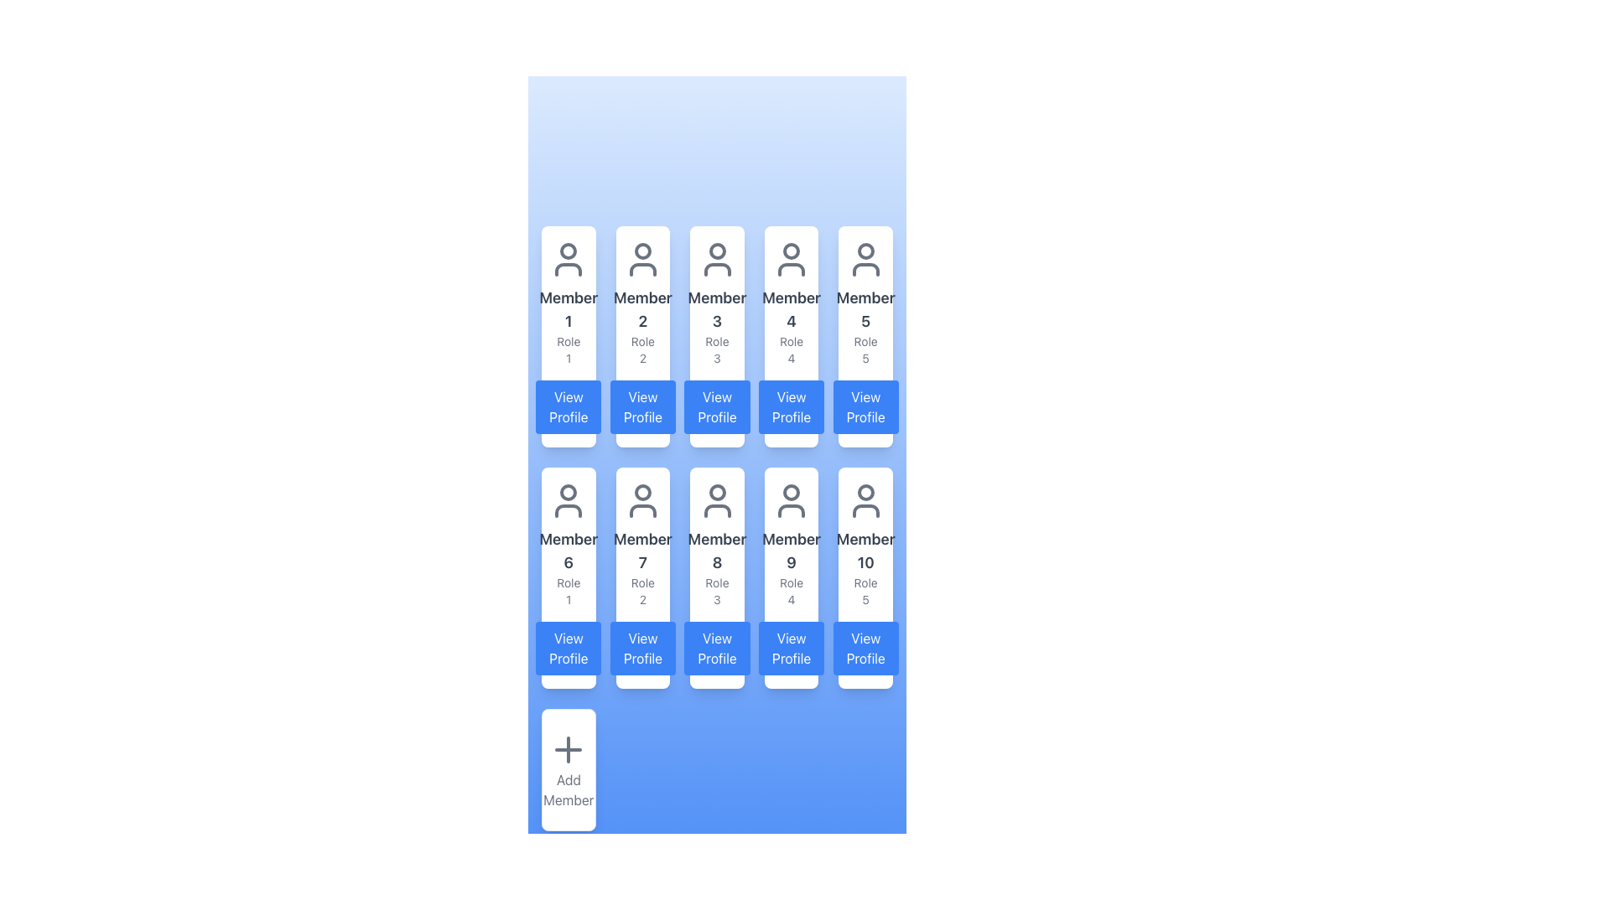 This screenshot has width=1610, height=905. I want to click on the 'View Profile' button, which has a blue background and white text, located at the bottom of the user profile card, so click(865, 648).